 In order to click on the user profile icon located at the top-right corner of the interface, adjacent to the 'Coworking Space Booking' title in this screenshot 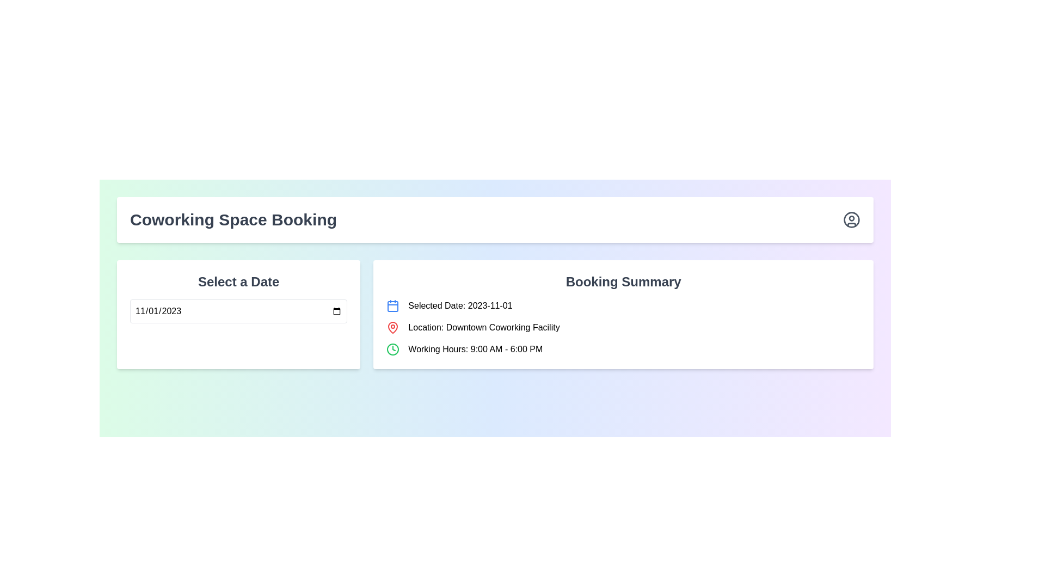, I will do `click(851, 220)`.